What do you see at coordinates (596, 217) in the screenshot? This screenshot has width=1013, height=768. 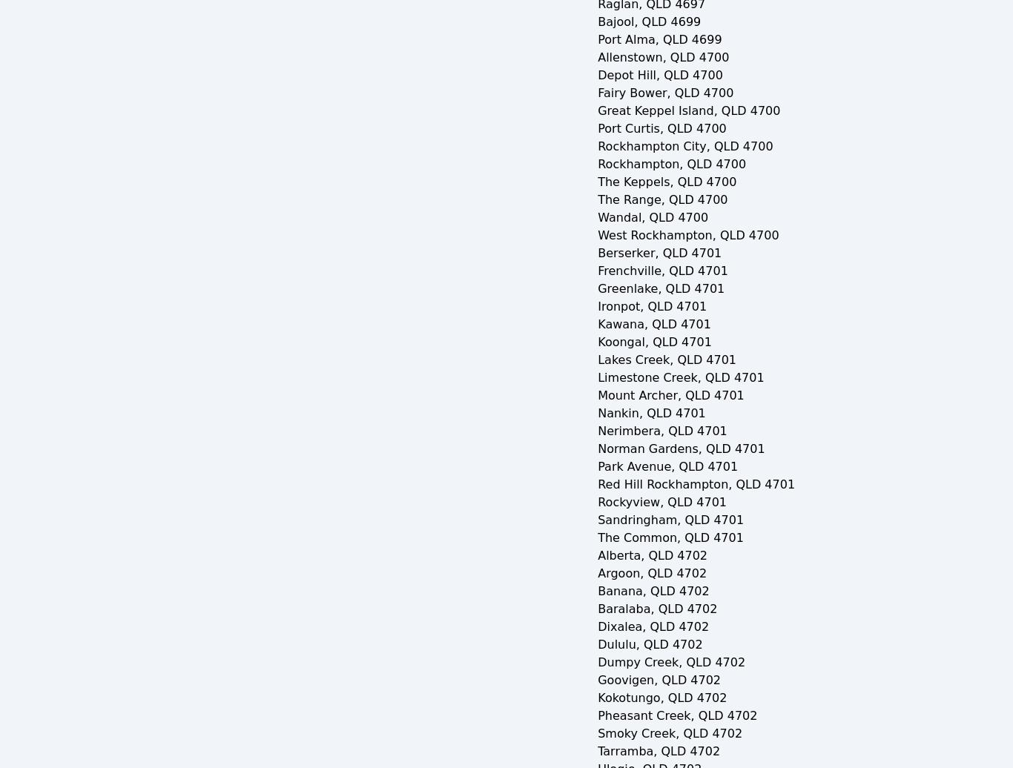 I see `'Wandal, QLD 4700'` at bounding box center [596, 217].